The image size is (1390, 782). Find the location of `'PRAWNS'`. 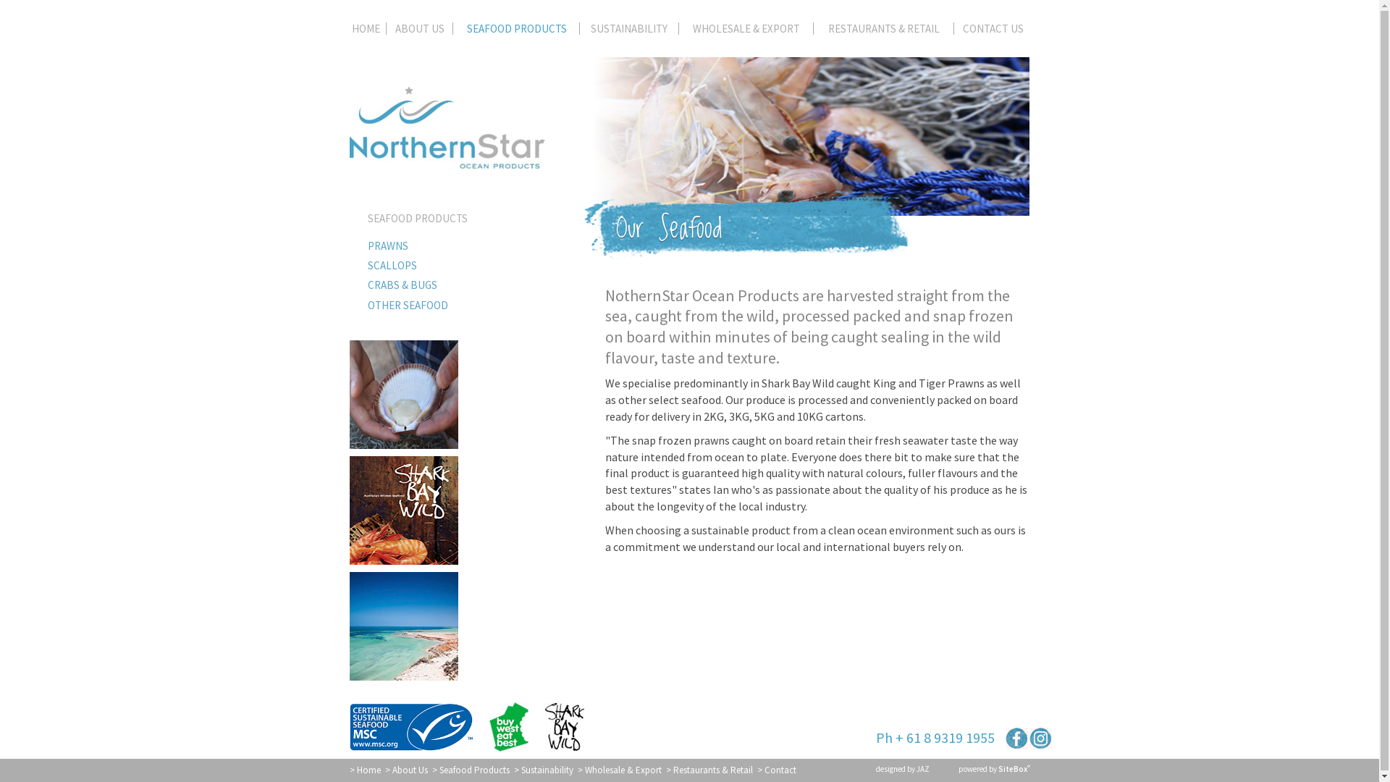

'PRAWNS' is located at coordinates (348, 245).